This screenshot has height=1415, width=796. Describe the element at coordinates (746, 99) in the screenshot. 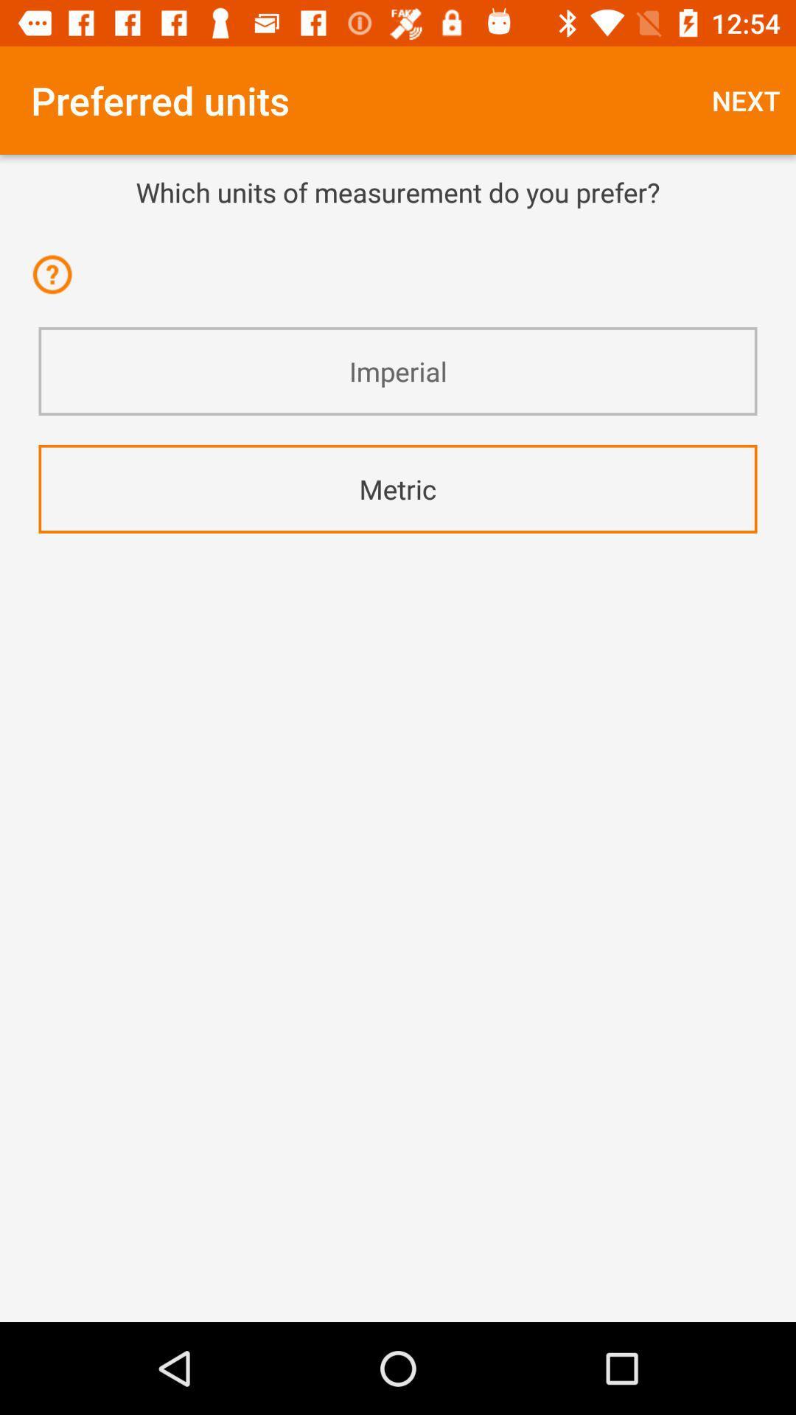

I see `the item to the right of the preferred units item` at that location.